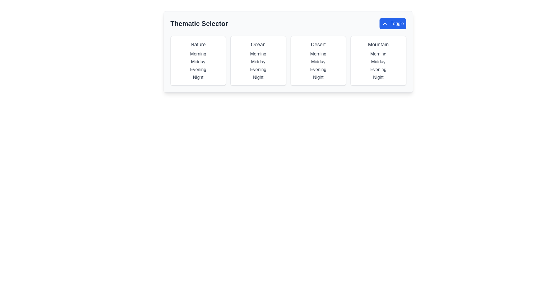 This screenshot has width=535, height=301. I want to click on the first label indicating 'Morning' in the Mountain card, which is part of a vertical group of four labels, so click(378, 54).